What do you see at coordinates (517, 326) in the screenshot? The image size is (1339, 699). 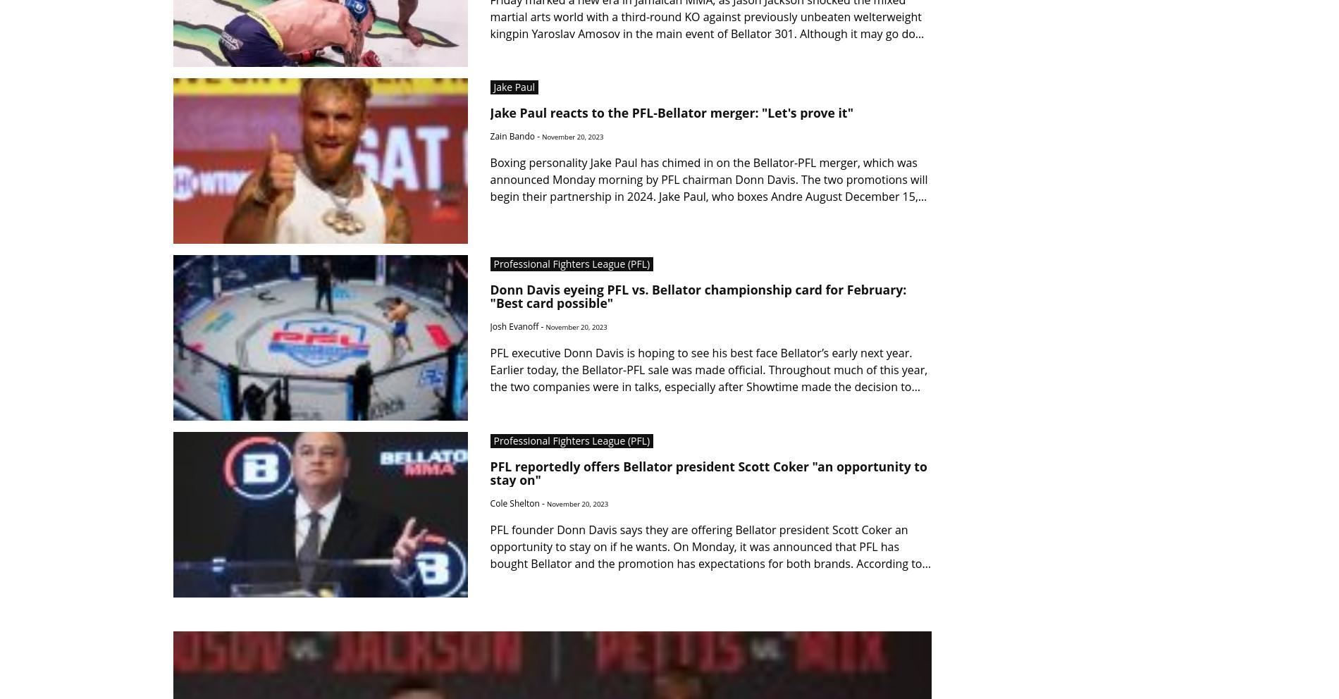 I see `'Josh Evanoff -'` at bounding box center [517, 326].